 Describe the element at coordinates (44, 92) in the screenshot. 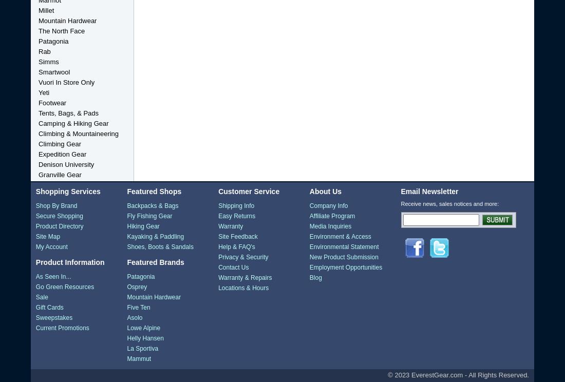

I see `'Yeti'` at that location.